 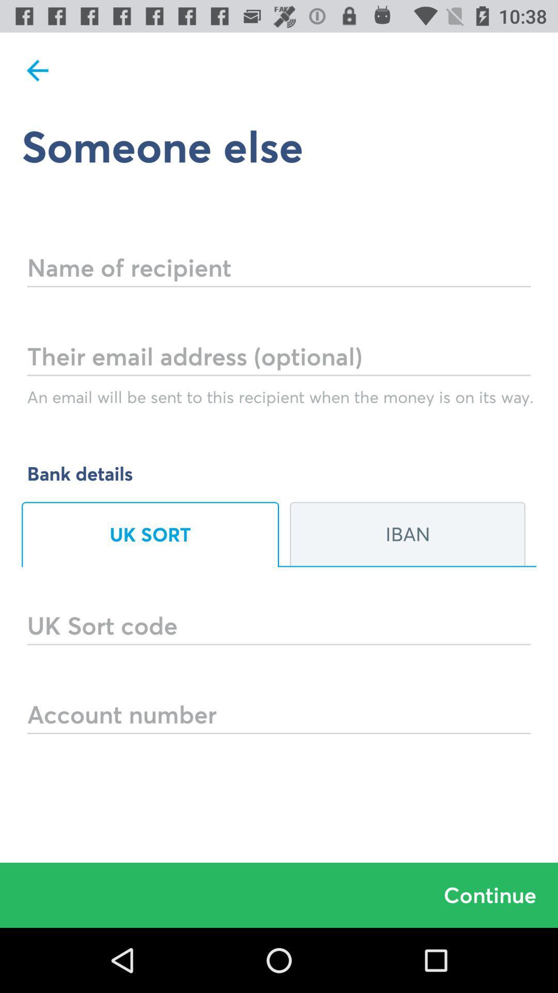 What do you see at coordinates (37, 70) in the screenshot?
I see `item above the someone else icon` at bounding box center [37, 70].